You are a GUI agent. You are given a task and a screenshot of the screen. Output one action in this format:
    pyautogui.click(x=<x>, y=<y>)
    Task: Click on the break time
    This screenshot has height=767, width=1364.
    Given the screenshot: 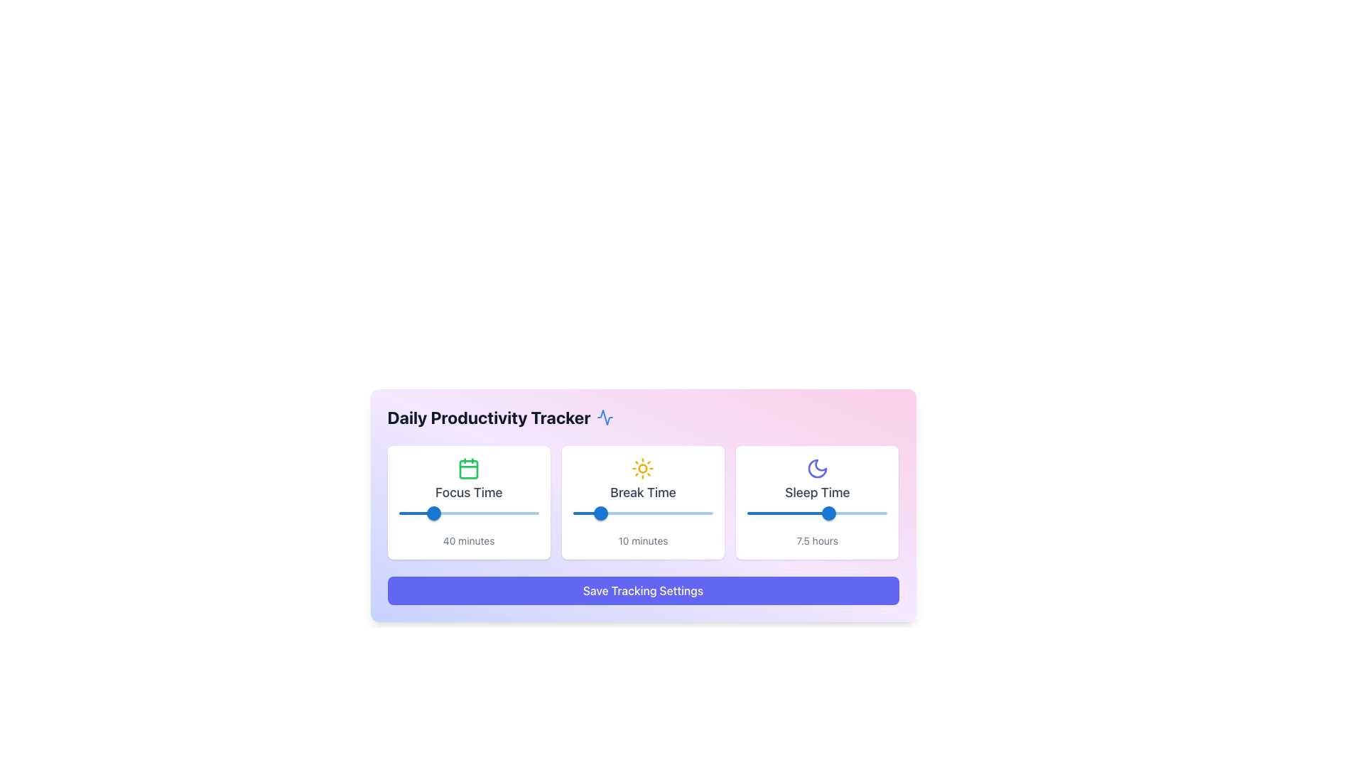 What is the action you would take?
    pyautogui.click(x=575, y=513)
    